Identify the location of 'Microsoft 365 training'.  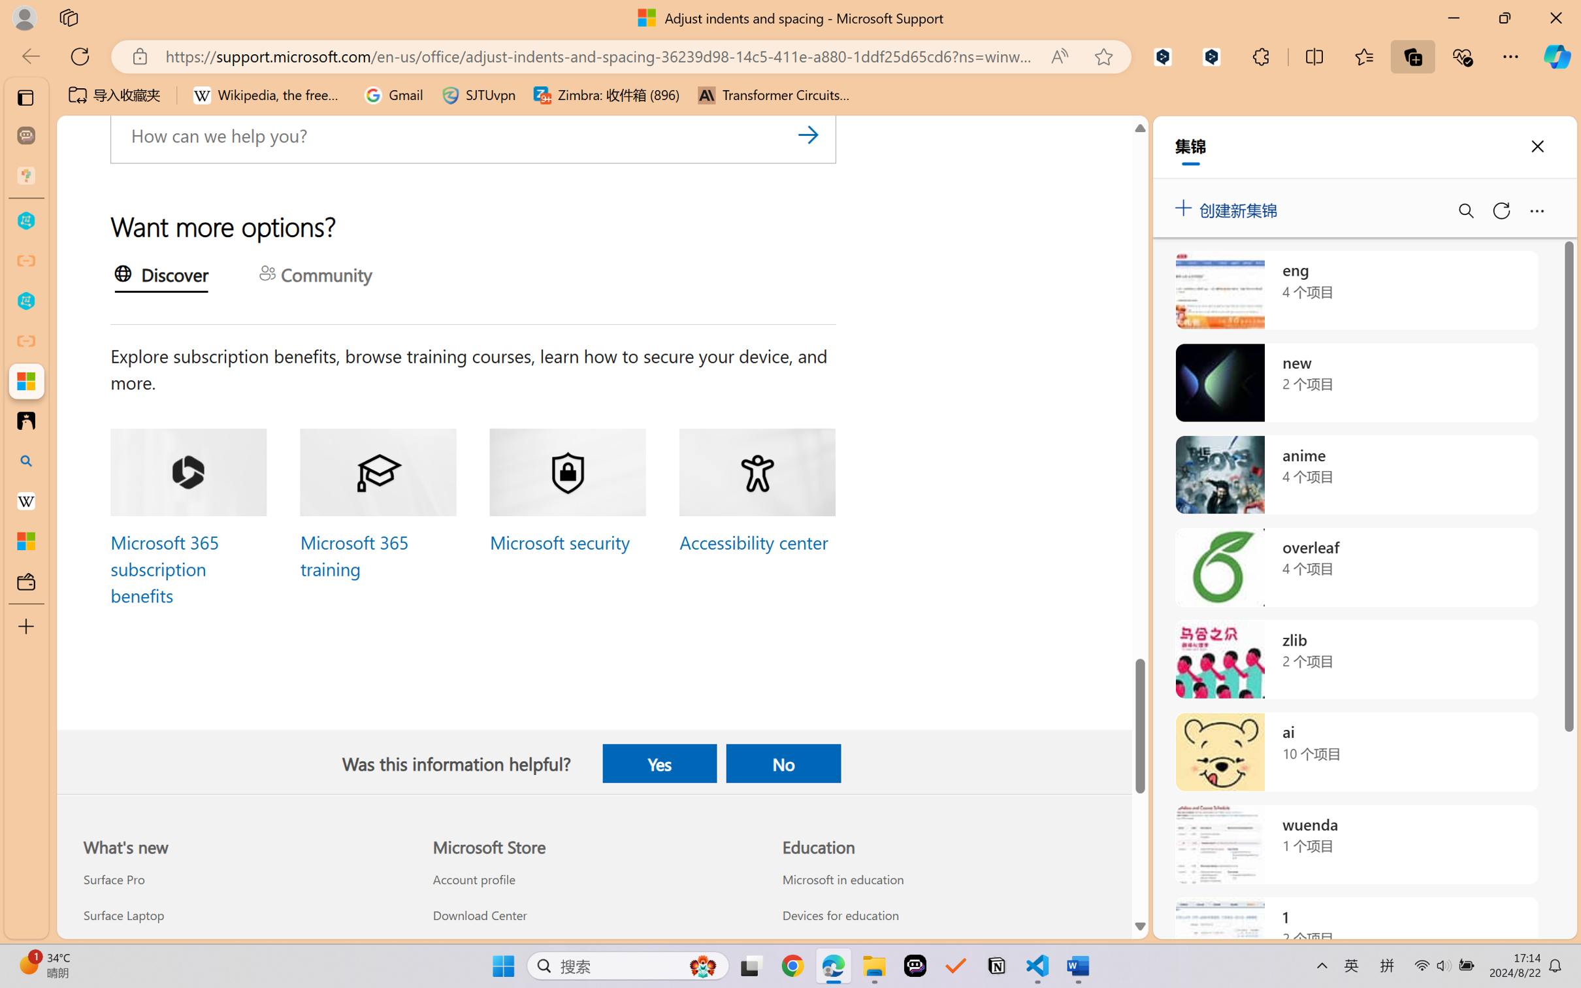
(353, 555).